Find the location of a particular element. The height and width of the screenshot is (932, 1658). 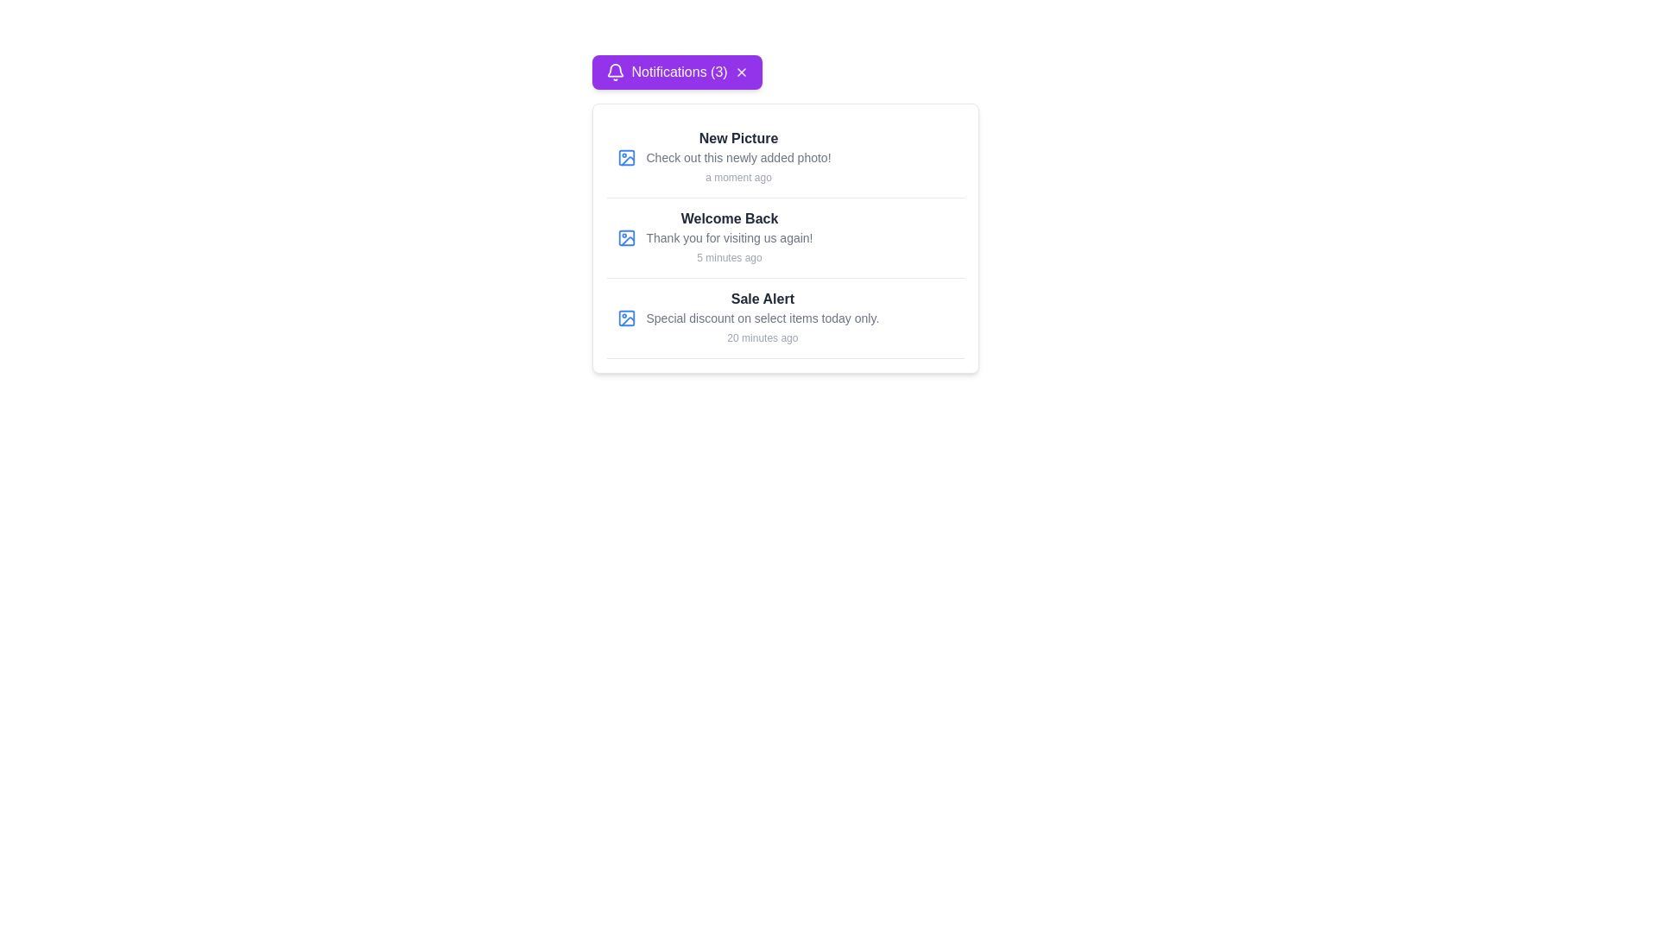

text label providing additional information about the 'Sale Alert', which is positioned below the title and above the timestamp in the notification card is located at coordinates (762, 318).